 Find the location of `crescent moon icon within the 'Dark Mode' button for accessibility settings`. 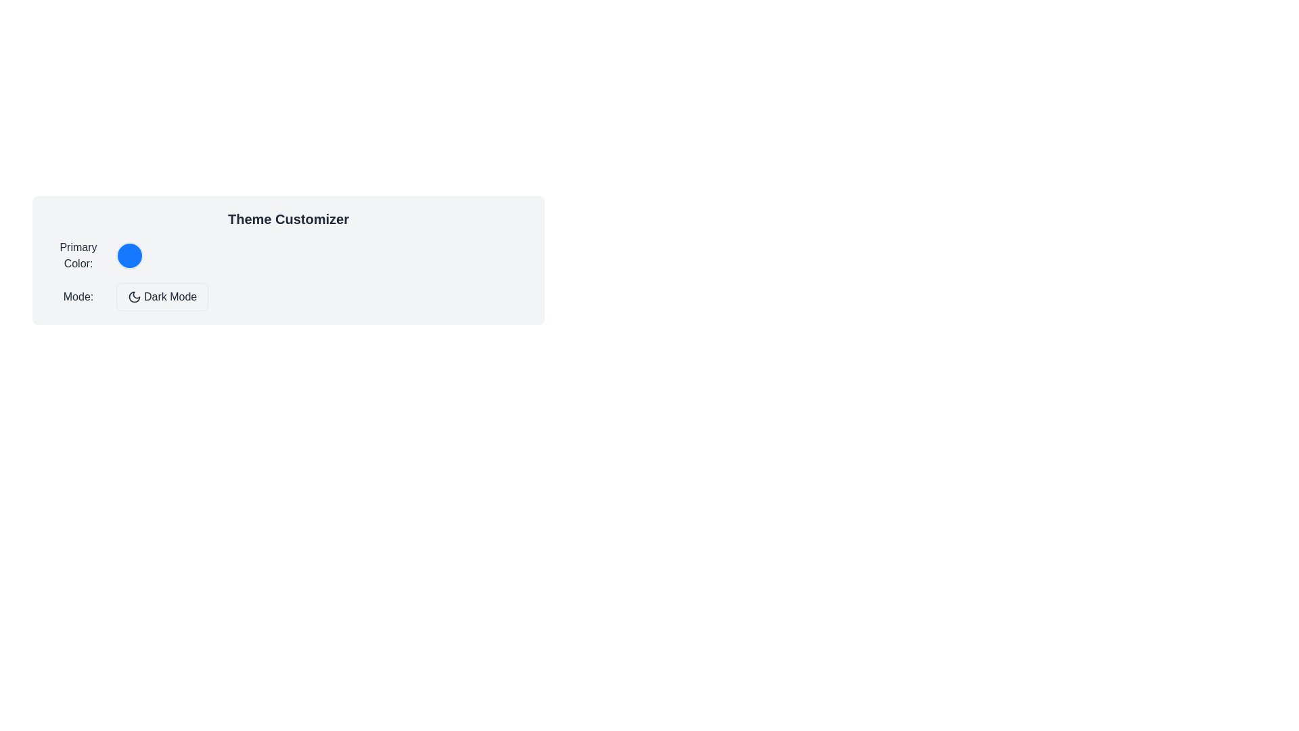

crescent moon icon within the 'Dark Mode' button for accessibility settings is located at coordinates (134, 296).